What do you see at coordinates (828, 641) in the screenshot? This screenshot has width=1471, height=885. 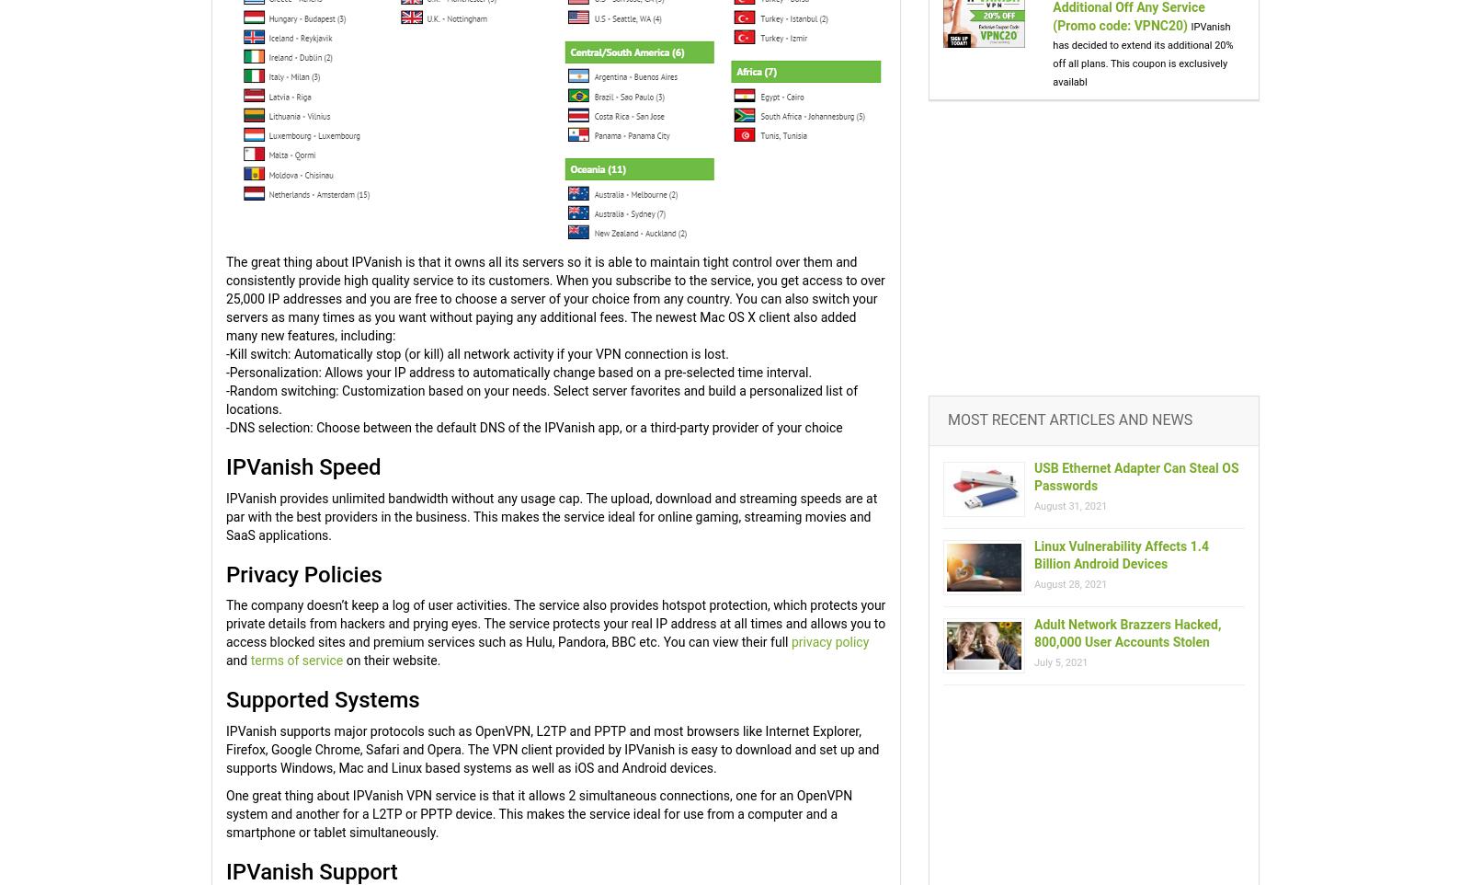 I see `'privacy policy'` at bounding box center [828, 641].